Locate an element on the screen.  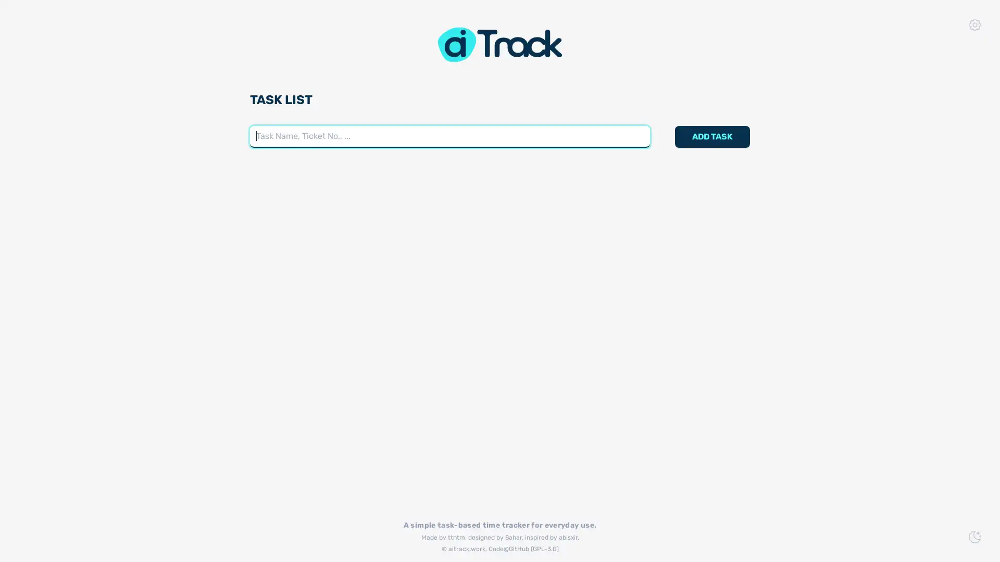
ADD TASK is located at coordinates (712, 136).